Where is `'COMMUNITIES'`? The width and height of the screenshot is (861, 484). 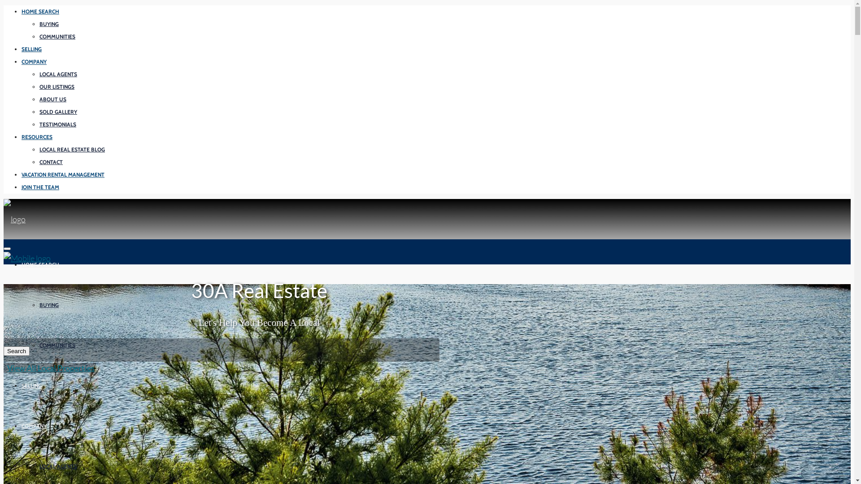 'COMMUNITIES' is located at coordinates (57, 345).